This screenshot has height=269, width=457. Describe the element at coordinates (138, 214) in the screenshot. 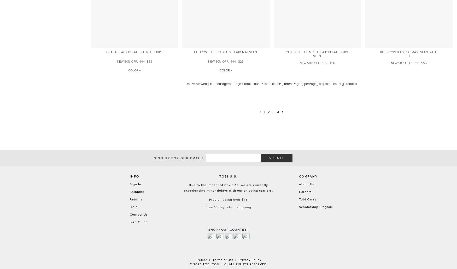

I see `'Contact Us'` at that location.